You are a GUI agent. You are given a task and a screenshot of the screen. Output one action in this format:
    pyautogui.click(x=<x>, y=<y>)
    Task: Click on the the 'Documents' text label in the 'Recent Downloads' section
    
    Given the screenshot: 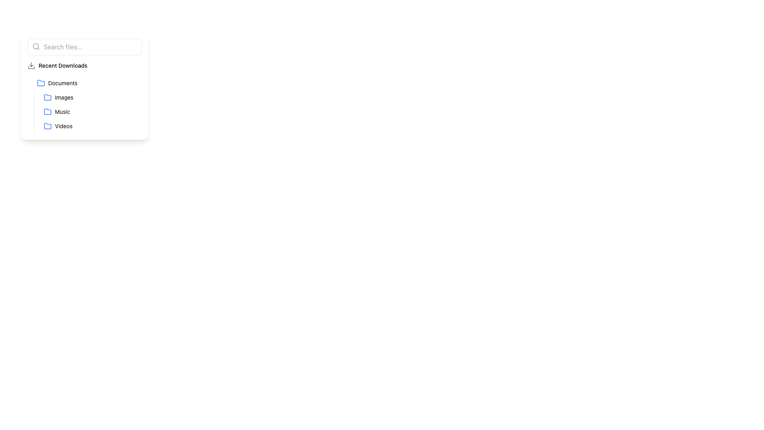 What is the action you would take?
    pyautogui.click(x=62, y=83)
    